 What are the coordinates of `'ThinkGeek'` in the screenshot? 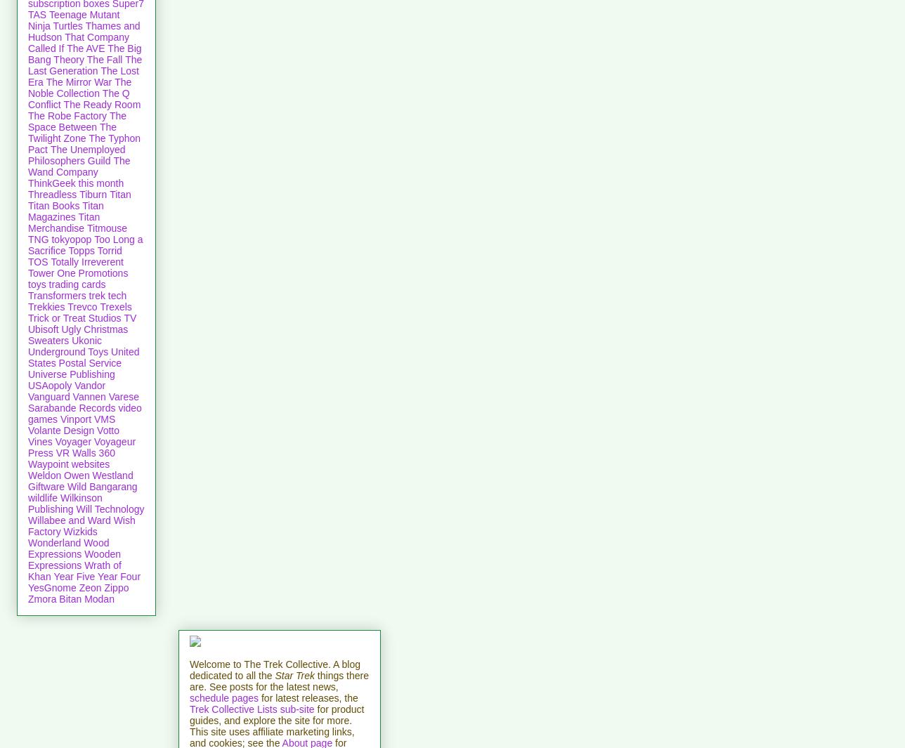 It's located at (51, 181).